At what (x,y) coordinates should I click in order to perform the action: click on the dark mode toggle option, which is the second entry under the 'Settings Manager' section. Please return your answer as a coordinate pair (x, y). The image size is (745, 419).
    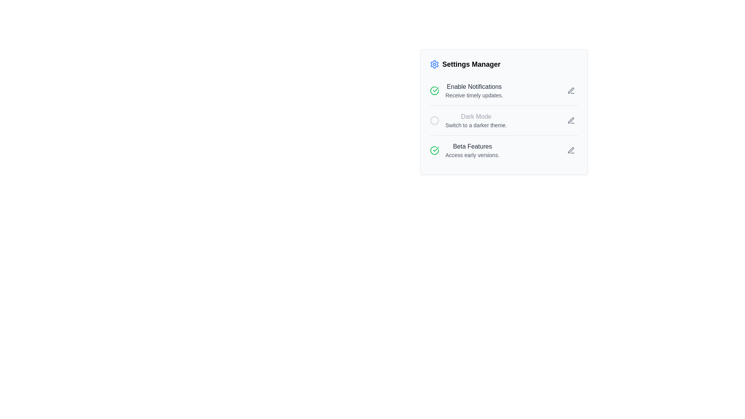
    Looking at the image, I should click on (504, 127).